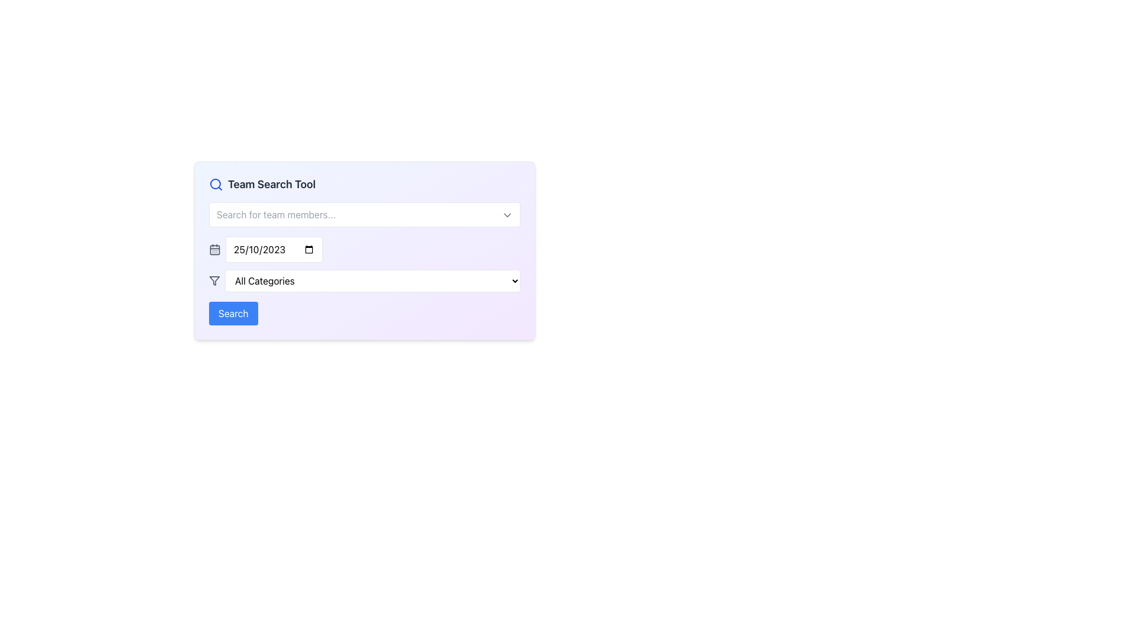 The width and height of the screenshot is (1137, 639). Describe the element at coordinates (216, 184) in the screenshot. I see `the circular outline of the blue-bordered SVG icon representing the magnifying glass, located at the top-left corner of the panel adjacent to the 'Team Search Tool' title` at that location.